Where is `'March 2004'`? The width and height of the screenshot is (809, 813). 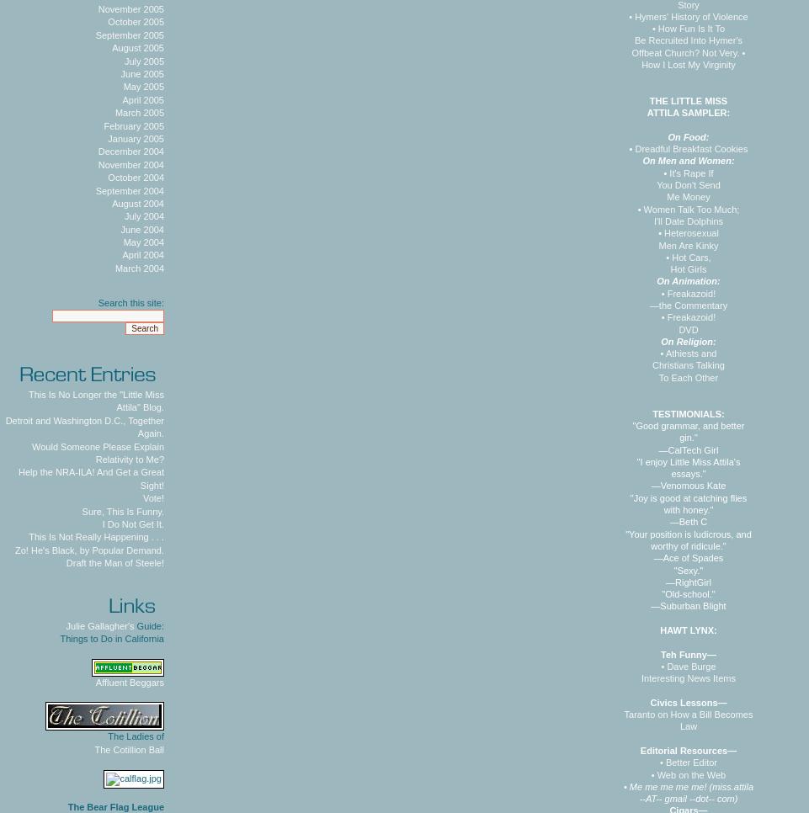
'March 2004' is located at coordinates (113, 268).